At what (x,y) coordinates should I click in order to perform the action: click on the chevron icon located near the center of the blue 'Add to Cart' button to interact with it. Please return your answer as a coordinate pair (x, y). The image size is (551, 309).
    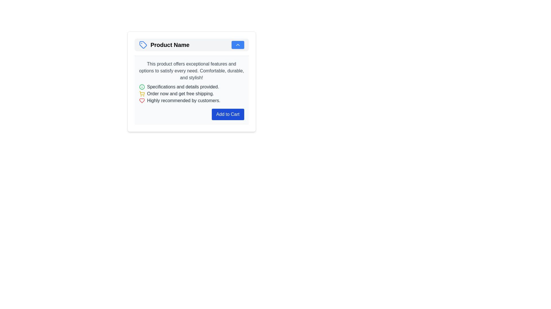
    Looking at the image, I should click on (238, 45).